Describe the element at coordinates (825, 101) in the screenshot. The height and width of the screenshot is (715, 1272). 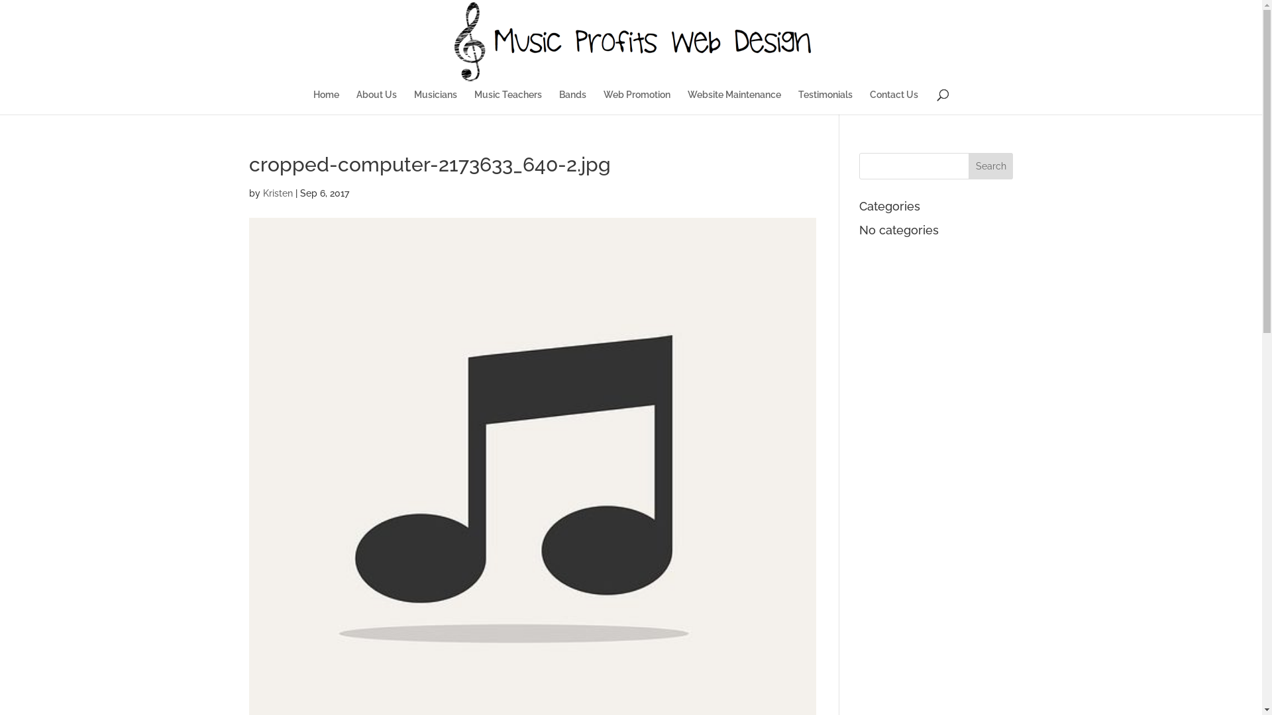
I see `'Testimonials'` at that location.